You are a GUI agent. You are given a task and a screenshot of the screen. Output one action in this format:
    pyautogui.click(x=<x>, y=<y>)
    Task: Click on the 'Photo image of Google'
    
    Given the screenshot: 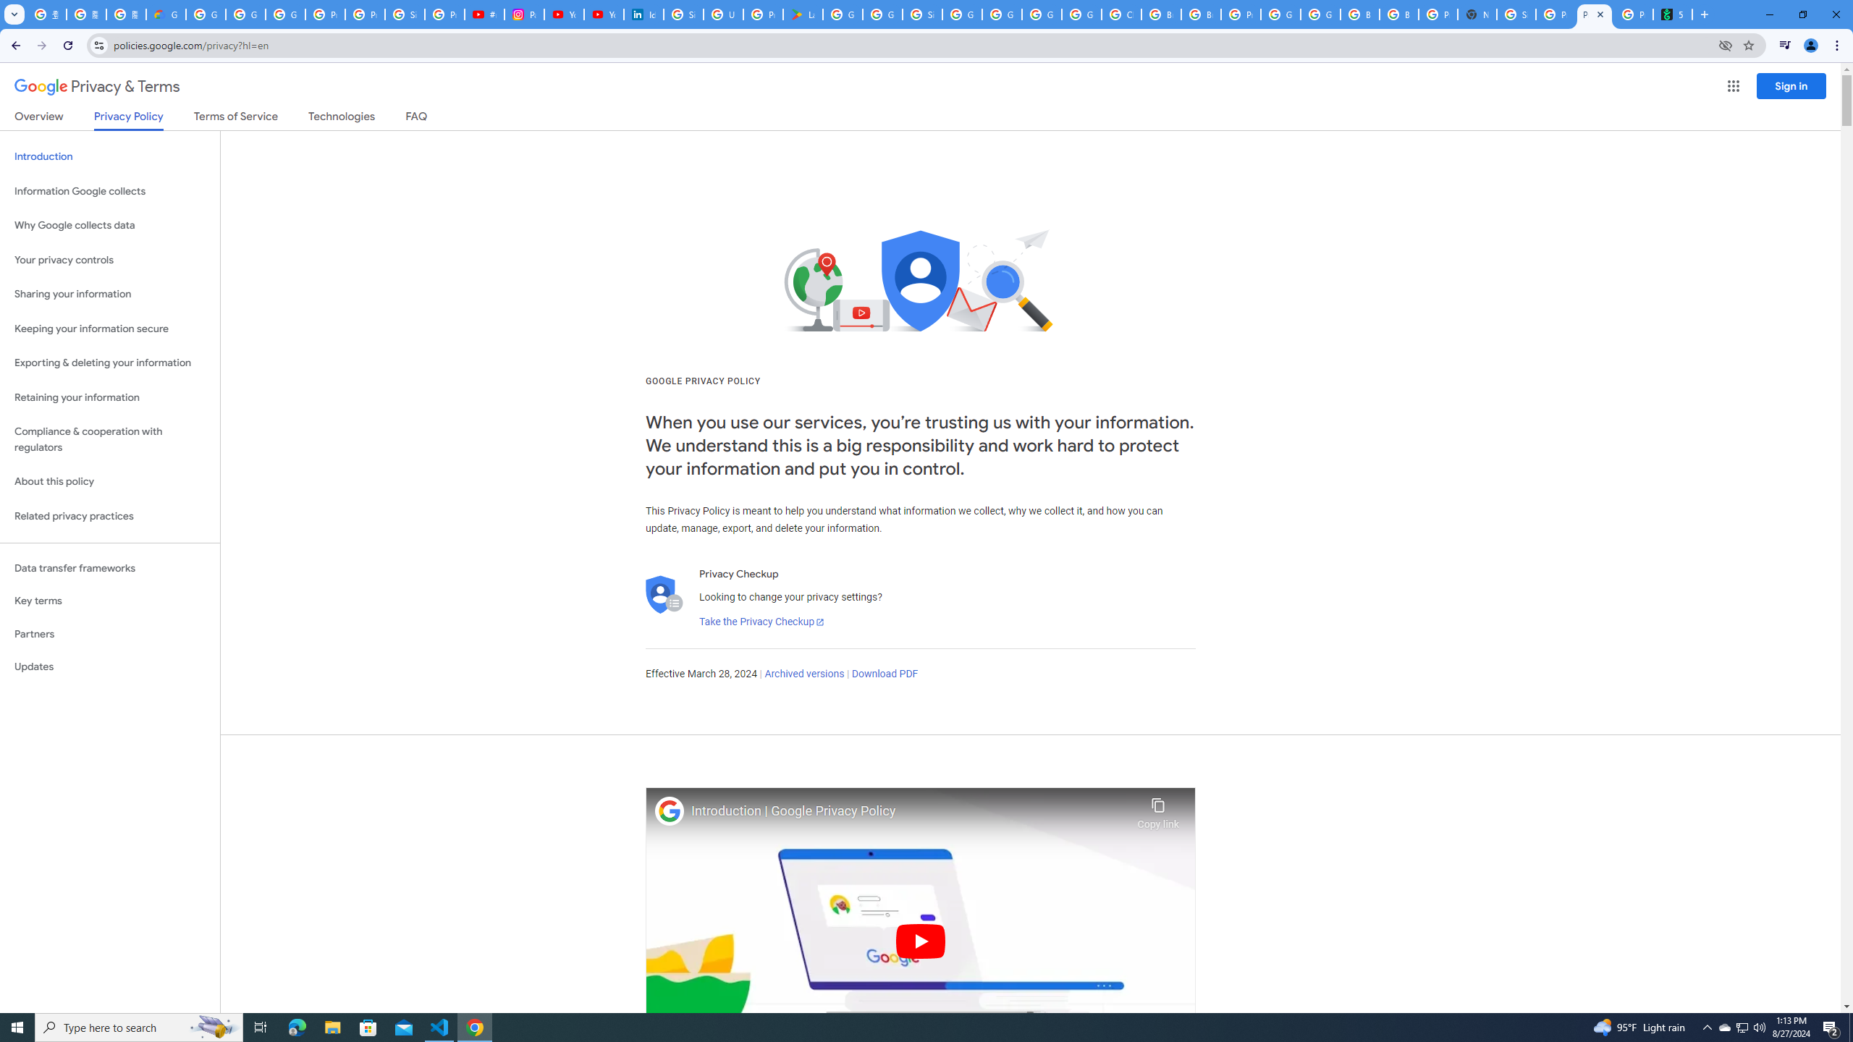 What is the action you would take?
    pyautogui.click(x=670, y=810)
    